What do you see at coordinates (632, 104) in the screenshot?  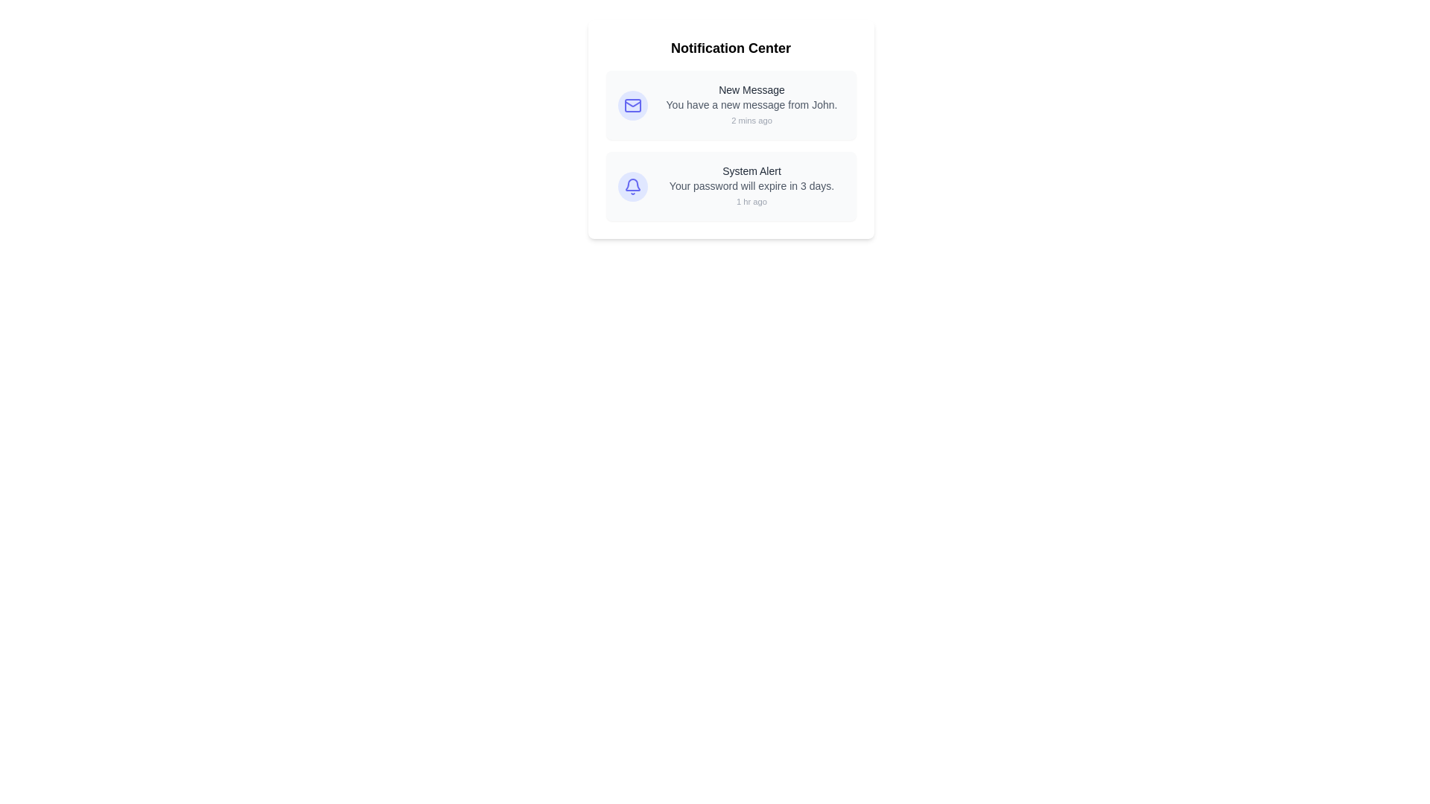 I see `the blue envelope icon in the top-left corner of the notification center widget, which indicates a new message` at bounding box center [632, 104].